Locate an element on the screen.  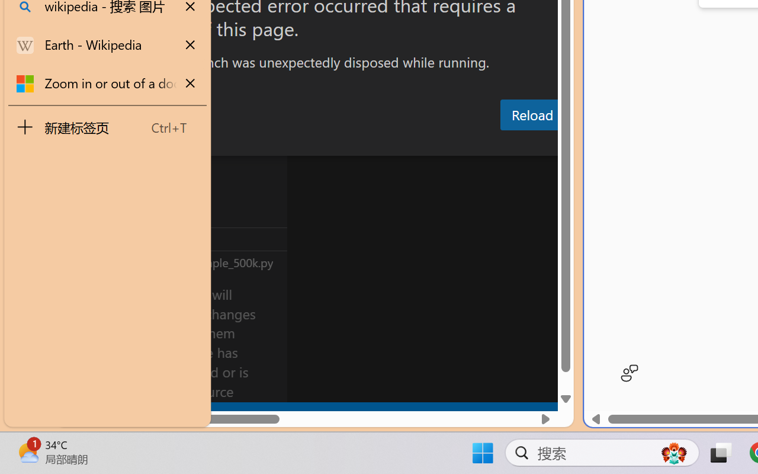
'Accounts - Sign in requested' is located at coordinates (79, 325).